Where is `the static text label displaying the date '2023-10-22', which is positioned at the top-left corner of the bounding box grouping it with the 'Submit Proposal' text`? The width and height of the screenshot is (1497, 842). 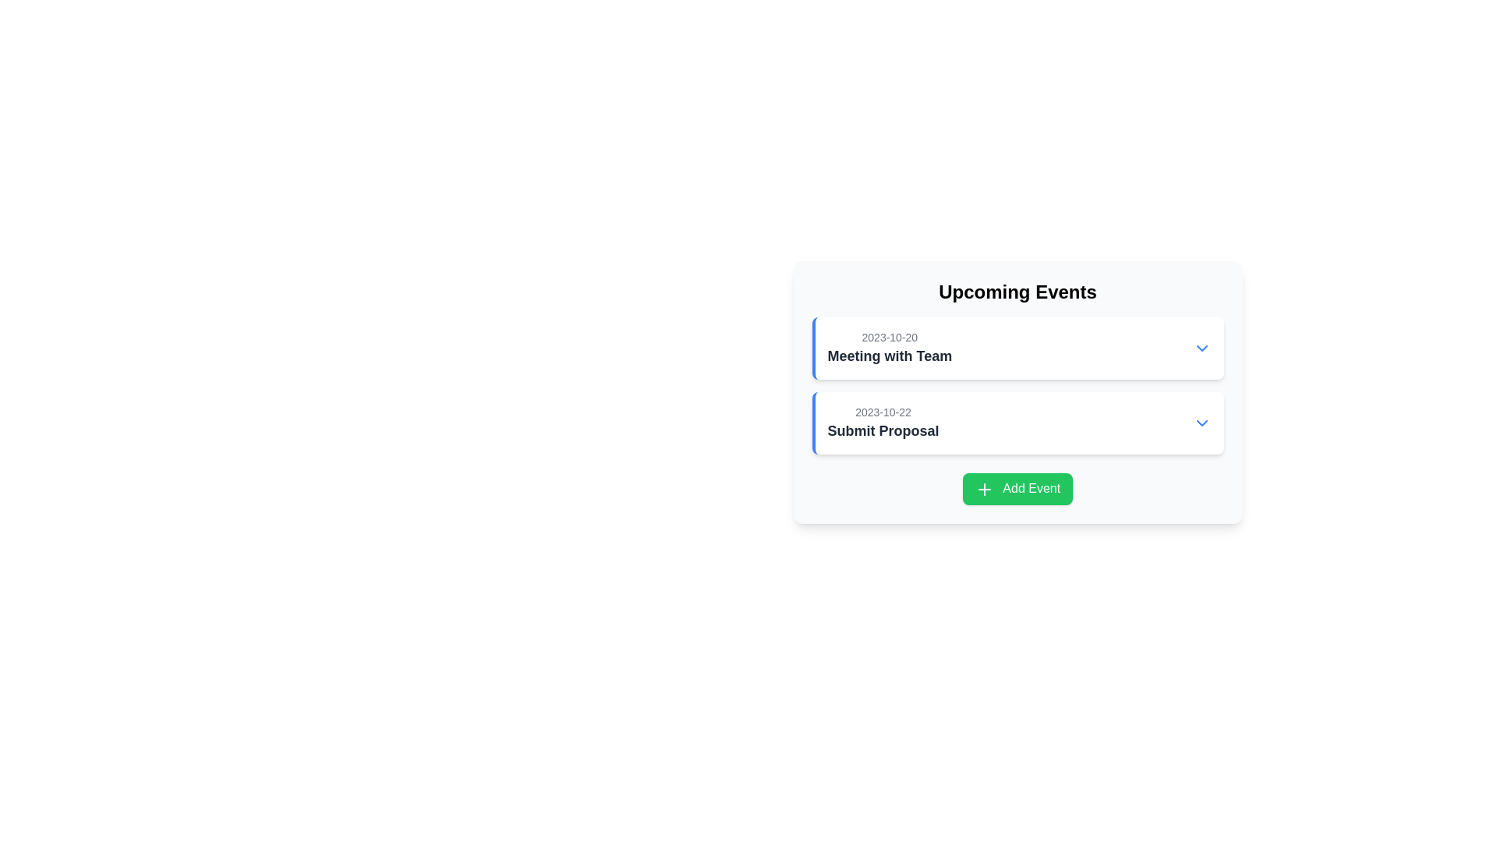
the static text label displaying the date '2023-10-22', which is positioned at the top-left corner of the bounding box grouping it with the 'Submit Proposal' text is located at coordinates (883, 411).